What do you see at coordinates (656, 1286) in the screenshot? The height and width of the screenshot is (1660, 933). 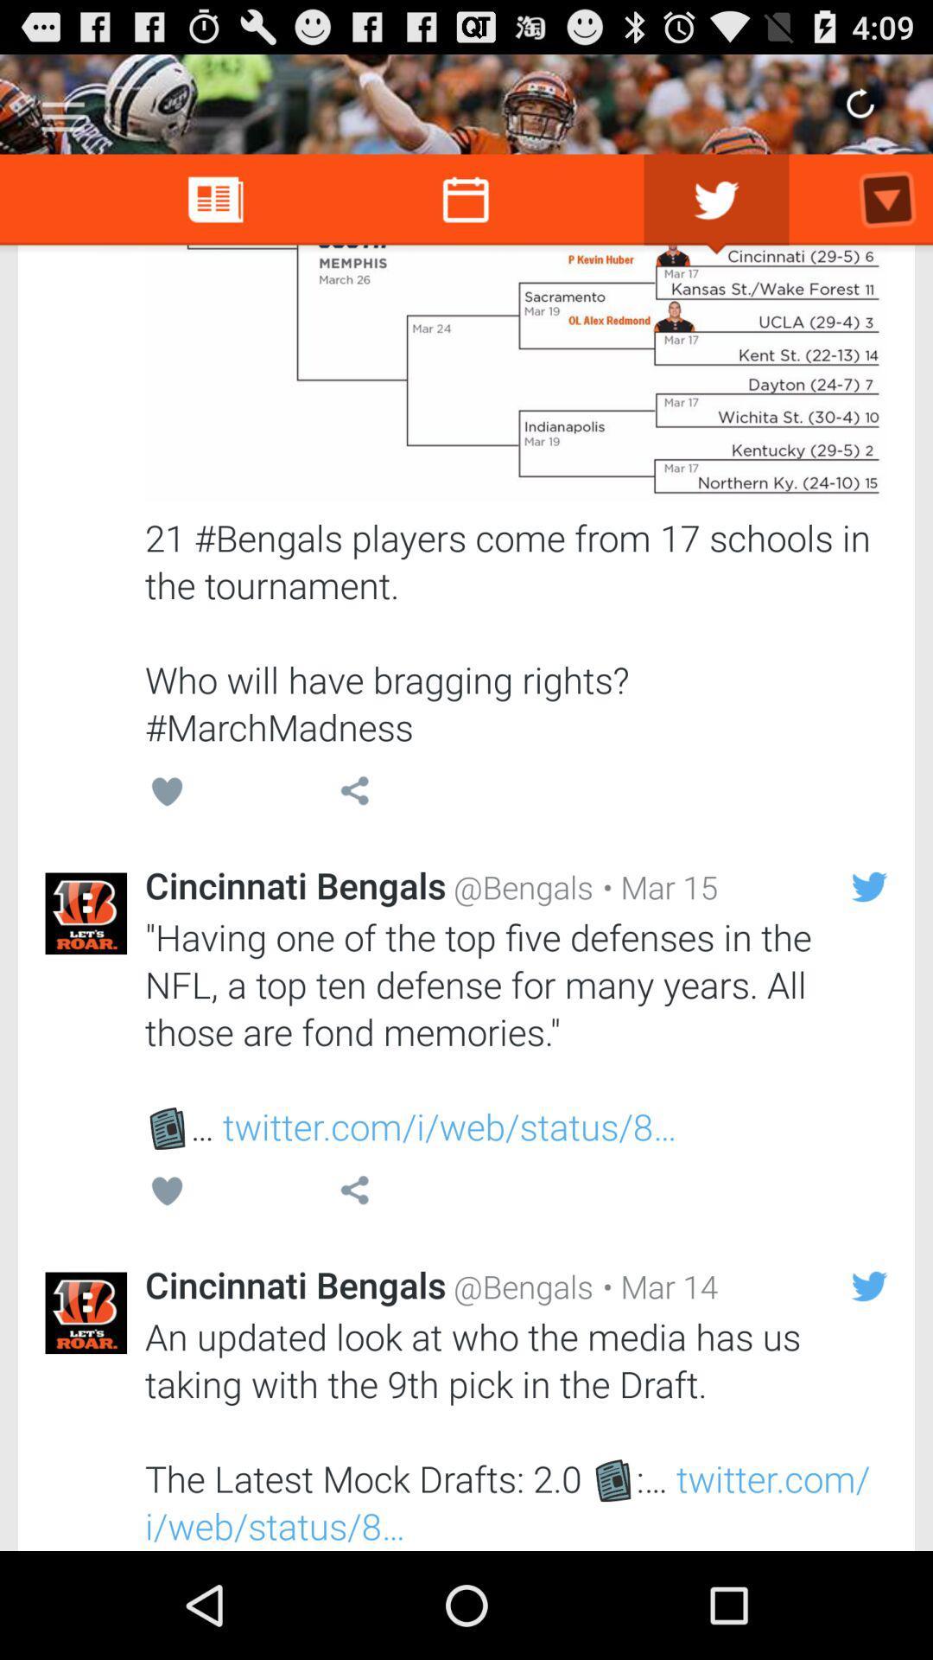 I see `item to the right of the @bengals` at bounding box center [656, 1286].